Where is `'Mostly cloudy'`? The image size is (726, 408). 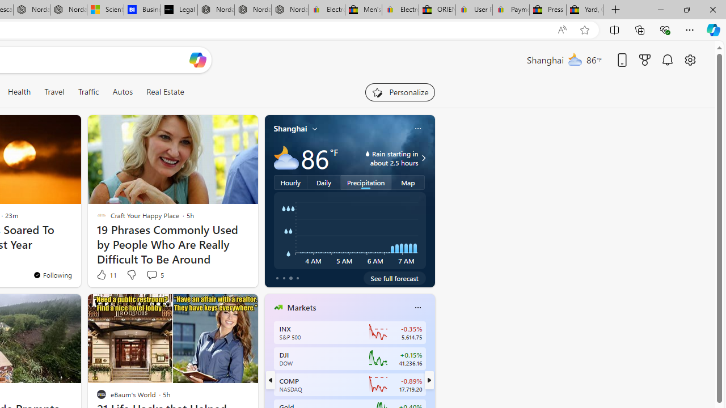 'Mostly cloudy' is located at coordinates (286, 158).